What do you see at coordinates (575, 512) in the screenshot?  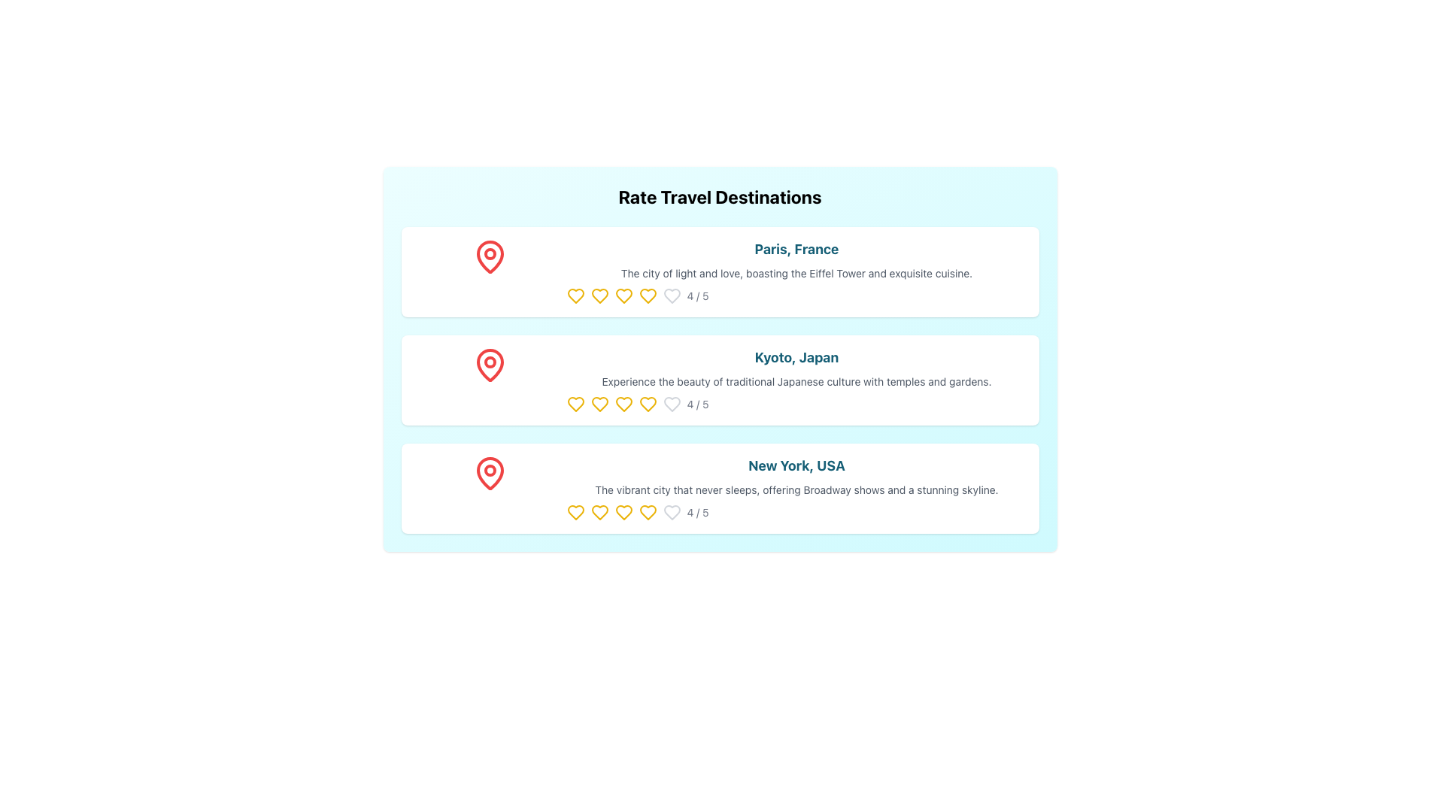 I see `the fifth golden heart icon in the rating section below 'New York, USA' and above the numeric rating score` at bounding box center [575, 512].